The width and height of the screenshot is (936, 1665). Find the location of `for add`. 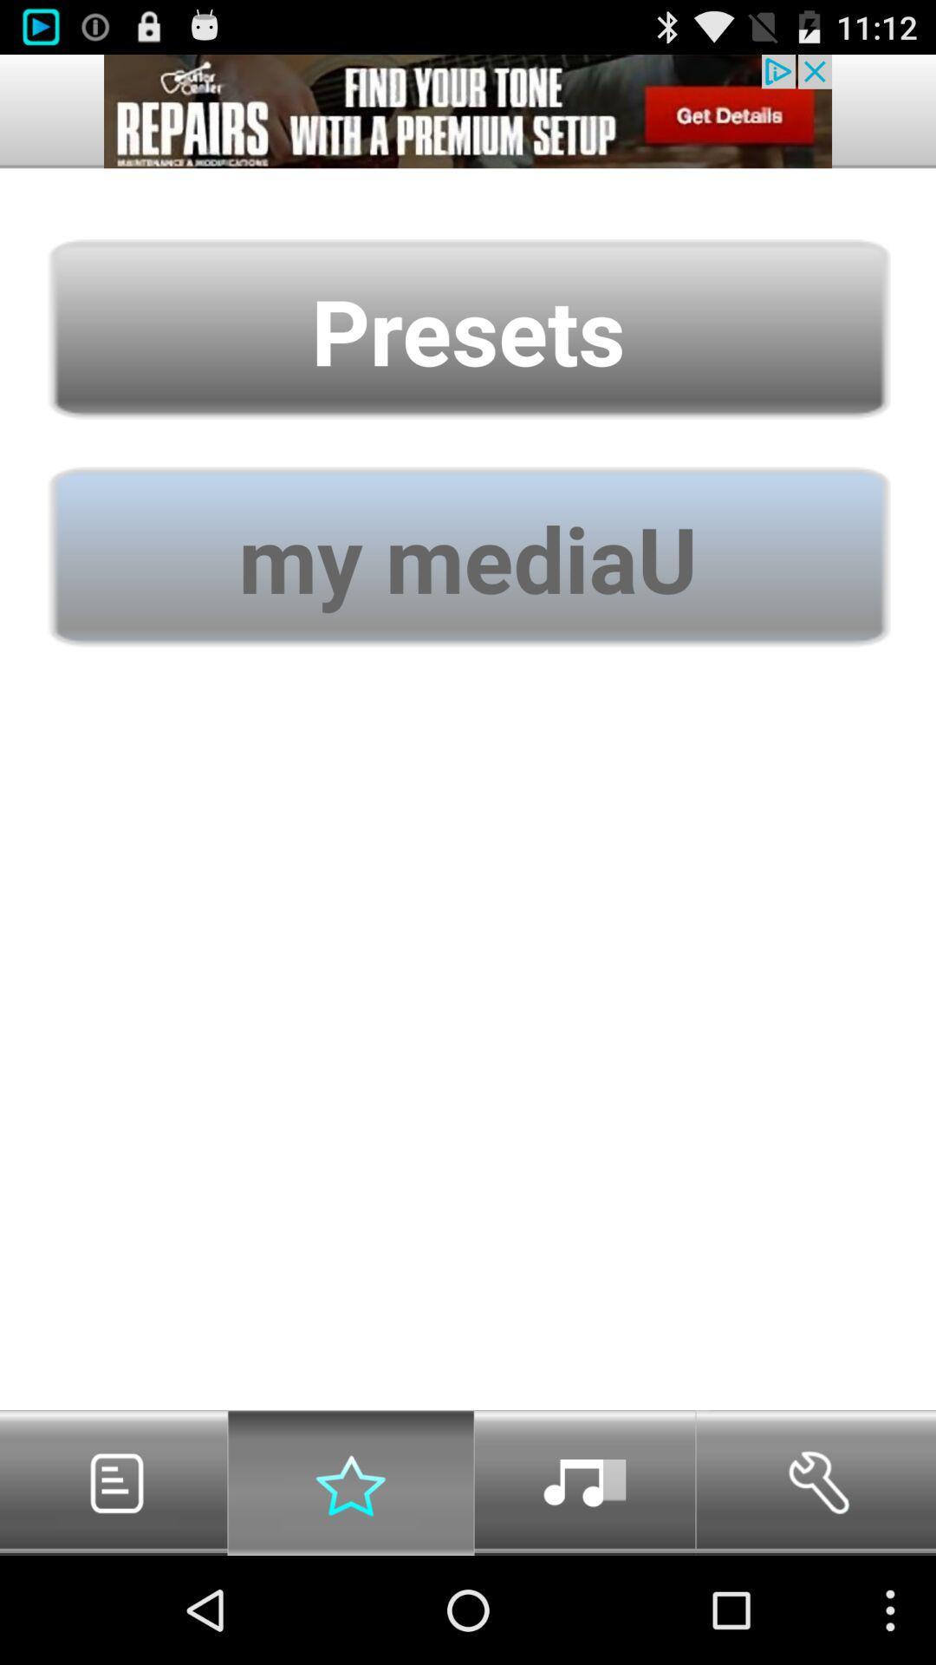

for add is located at coordinates (468, 110).